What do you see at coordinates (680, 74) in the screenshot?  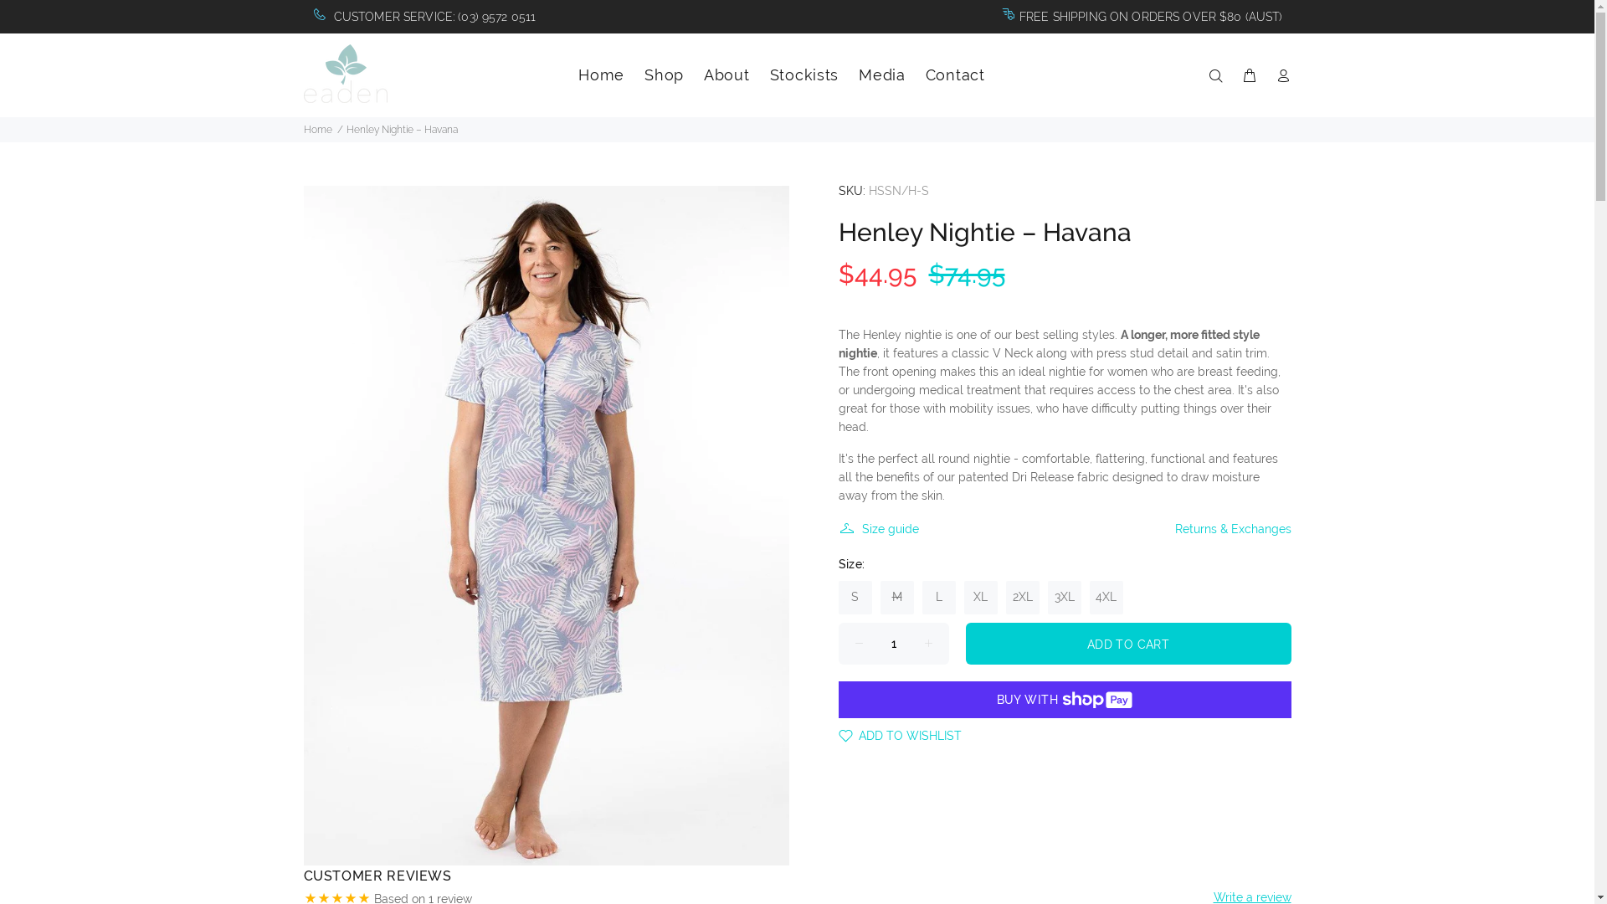 I see `'Shop'` at bounding box center [680, 74].